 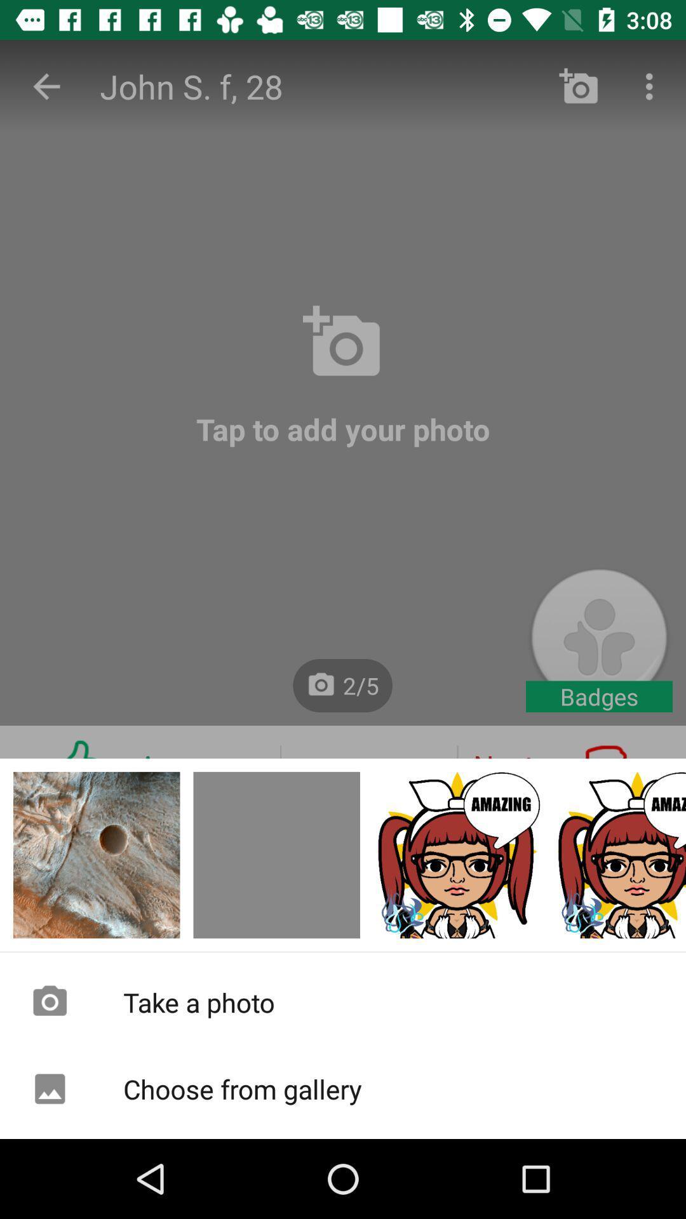 What do you see at coordinates (96, 855) in the screenshot?
I see `photo` at bounding box center [96, 855].